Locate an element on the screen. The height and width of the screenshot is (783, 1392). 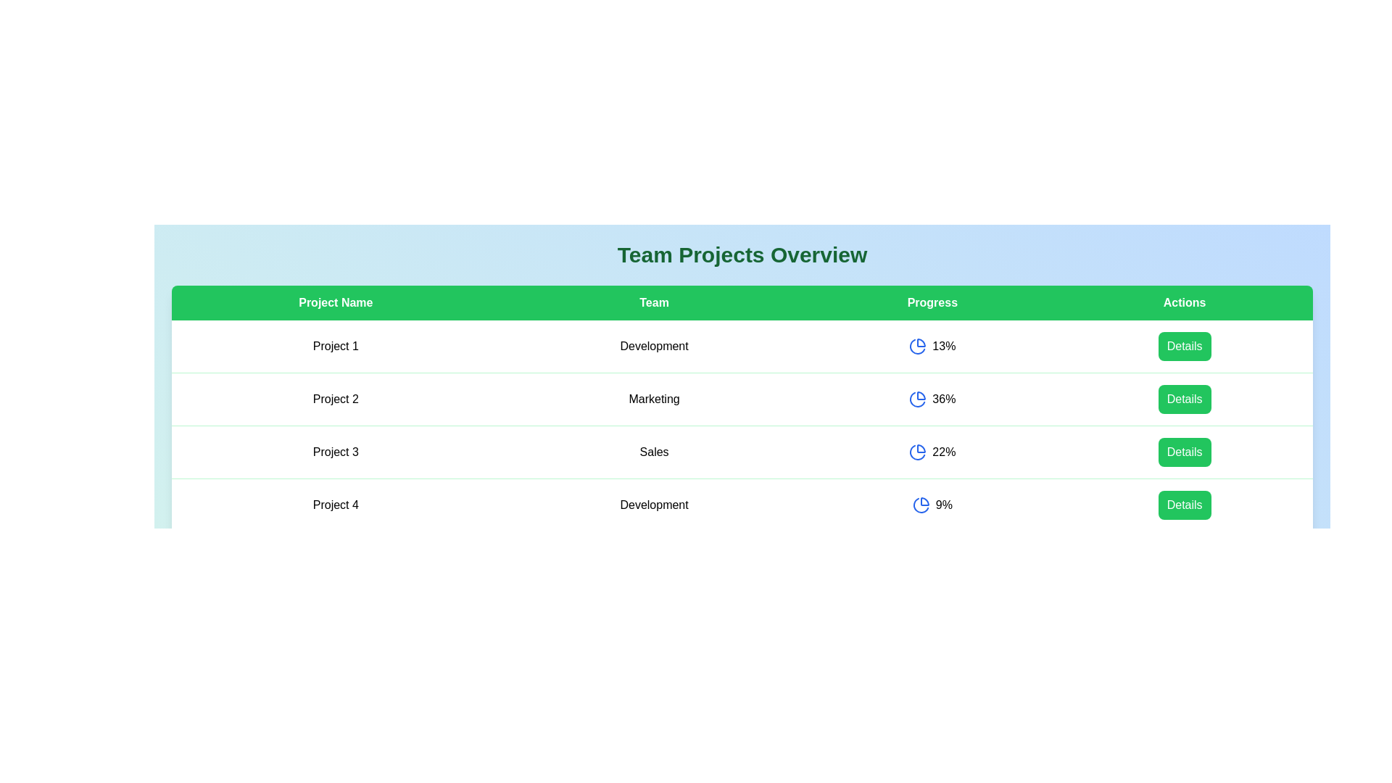
the pie chart icon for the project with ID 1 is located at coordinates (917, 347).